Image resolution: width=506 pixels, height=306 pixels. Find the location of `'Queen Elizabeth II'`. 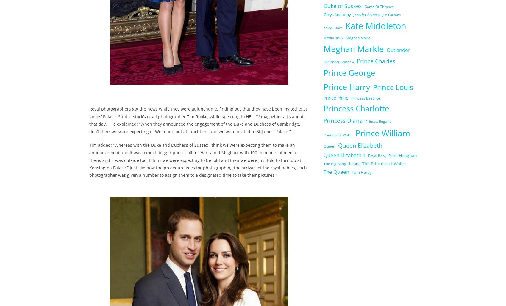

'Queen Elizabeth II' is located at coordinates (344, 154).